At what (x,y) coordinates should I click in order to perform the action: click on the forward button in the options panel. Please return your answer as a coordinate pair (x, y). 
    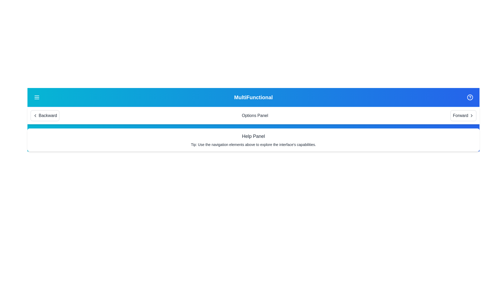
    Looking at the image, I should click on (463, 115).